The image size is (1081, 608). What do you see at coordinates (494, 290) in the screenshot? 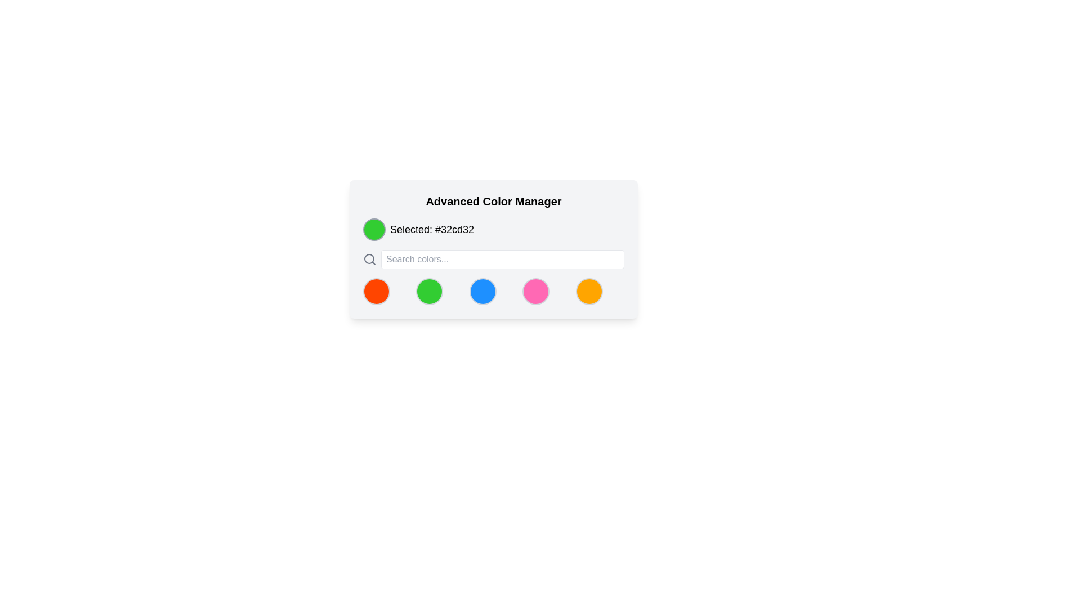
I see `the central blue circle in the color selector grid of the 'Advanced Color Manager' interface` at bounding box center [494, 290].